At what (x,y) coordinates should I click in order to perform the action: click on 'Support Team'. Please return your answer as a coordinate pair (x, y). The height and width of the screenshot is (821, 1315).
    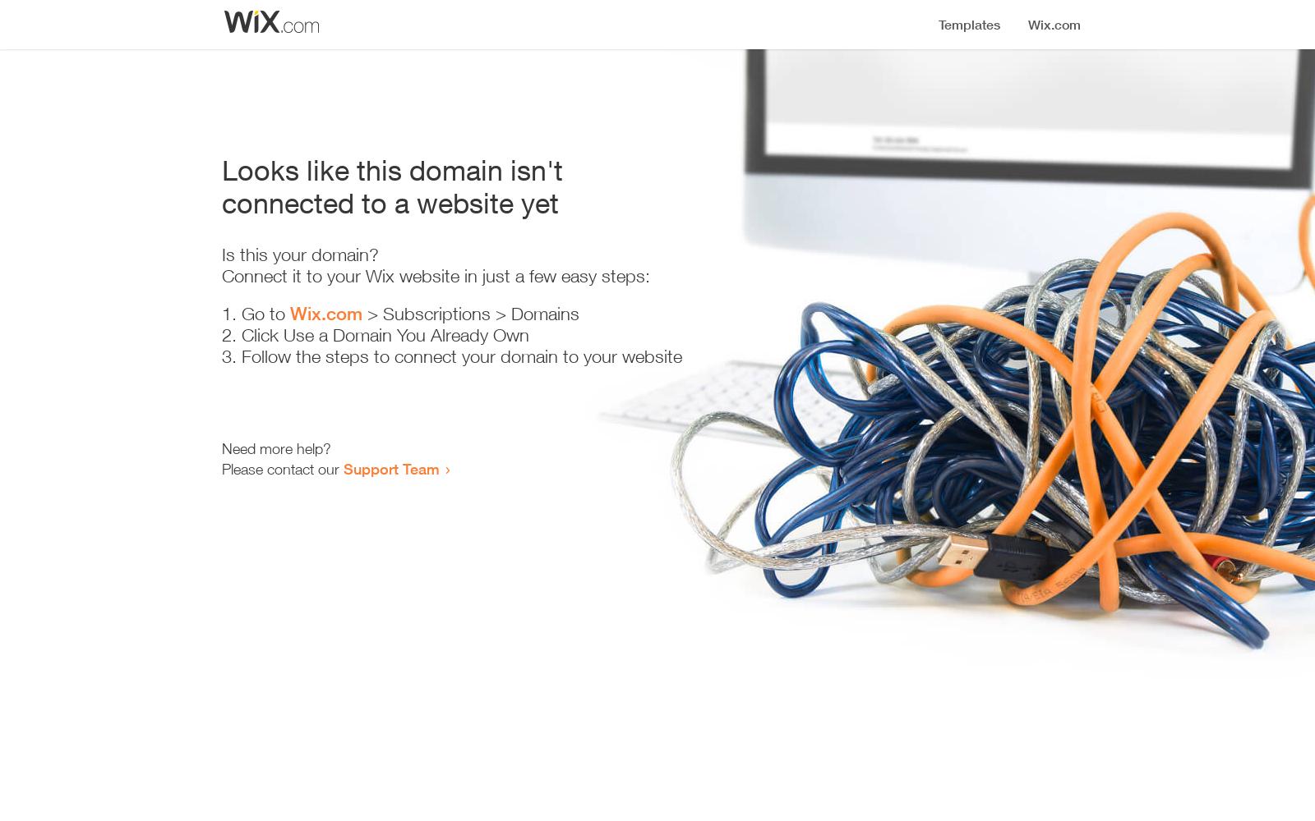
    Looking at the image, I should click on (390, 468).